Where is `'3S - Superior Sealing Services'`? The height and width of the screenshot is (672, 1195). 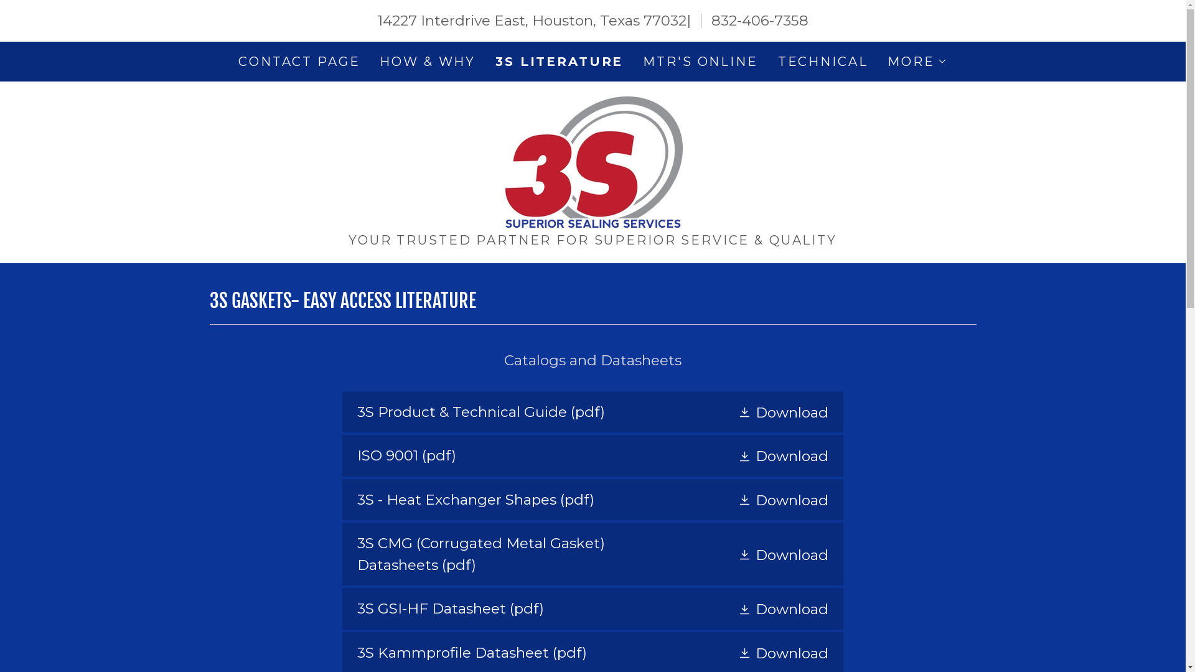
'3S - Superior Sealing Services' is located at coordinates (592, 160).